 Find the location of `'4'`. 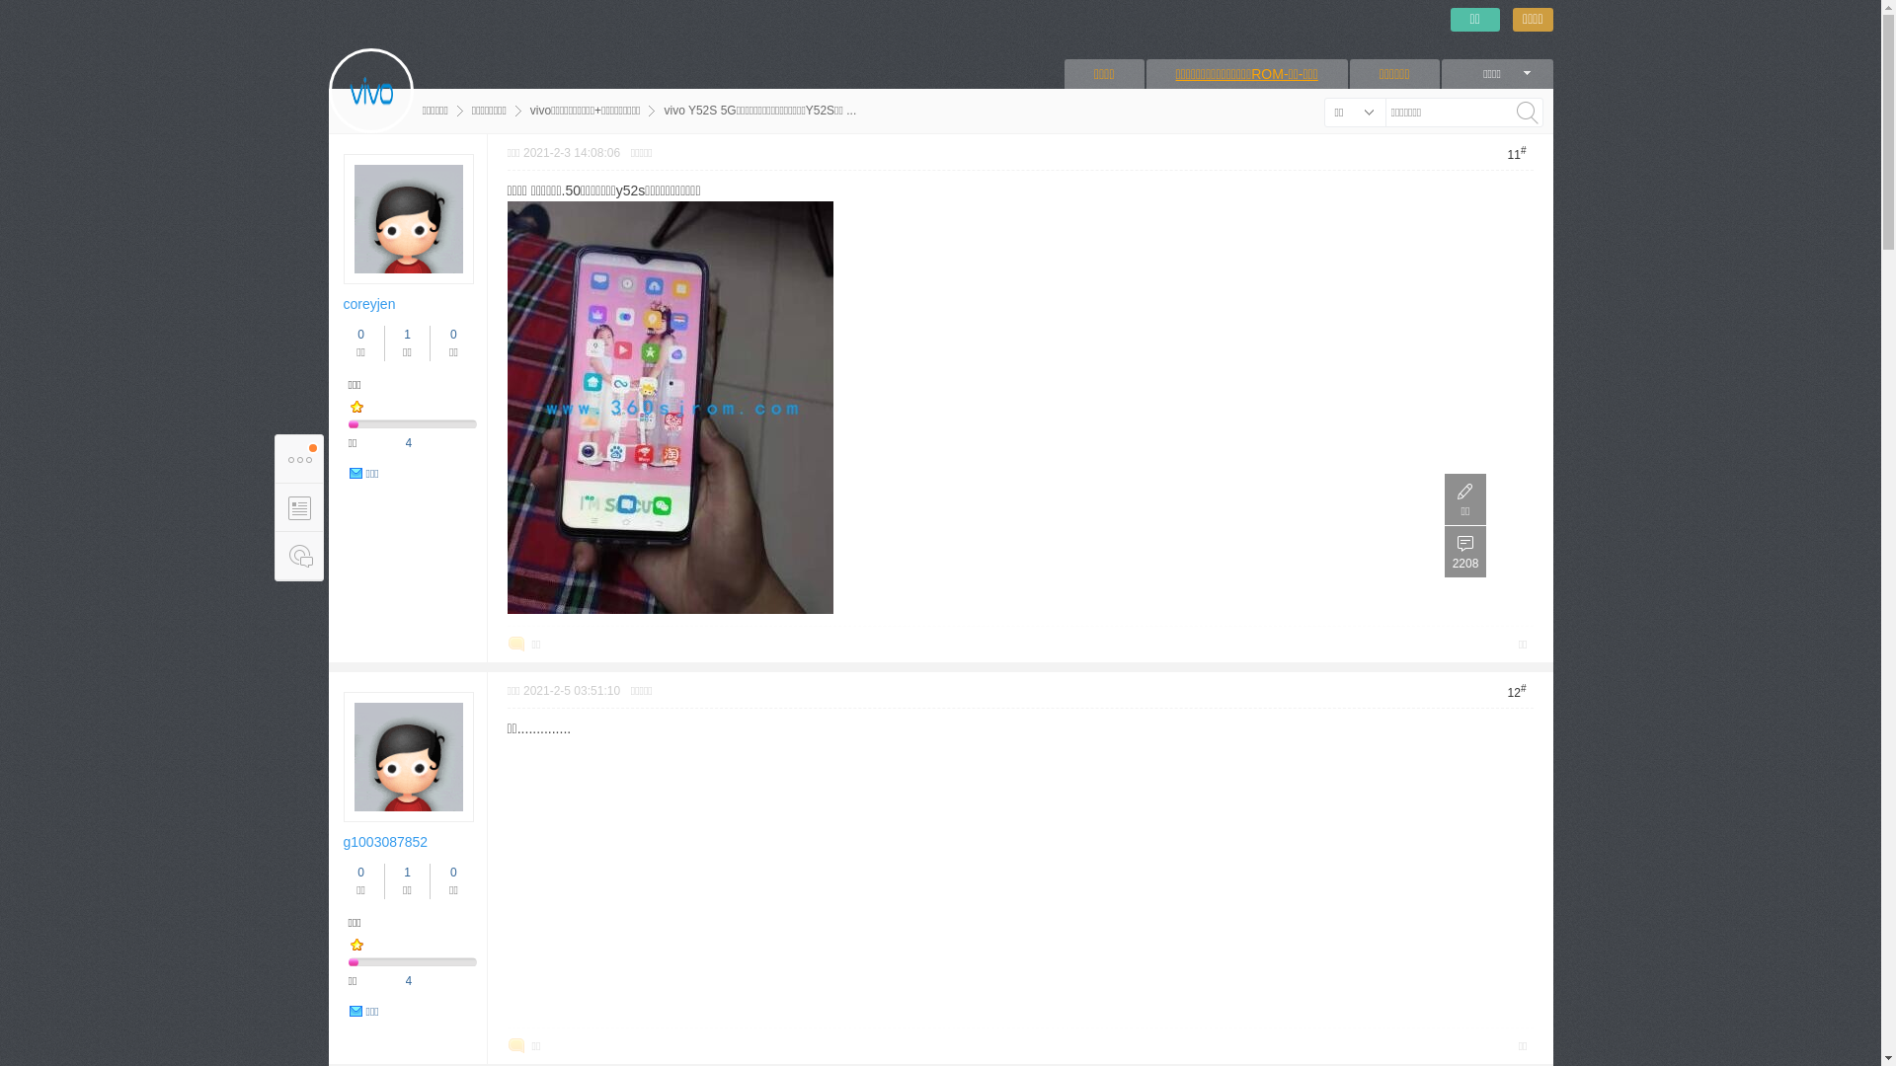

'4' is located at coordinates (407, 441).